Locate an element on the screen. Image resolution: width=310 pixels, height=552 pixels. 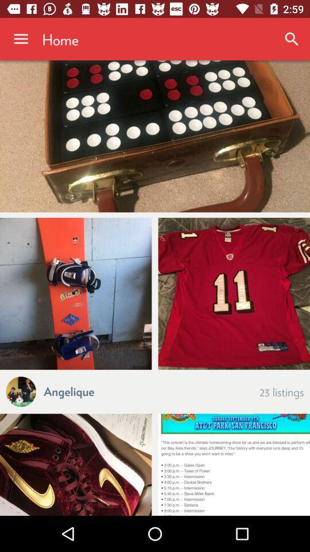
item above a icon is located at coordinates (76, 293).